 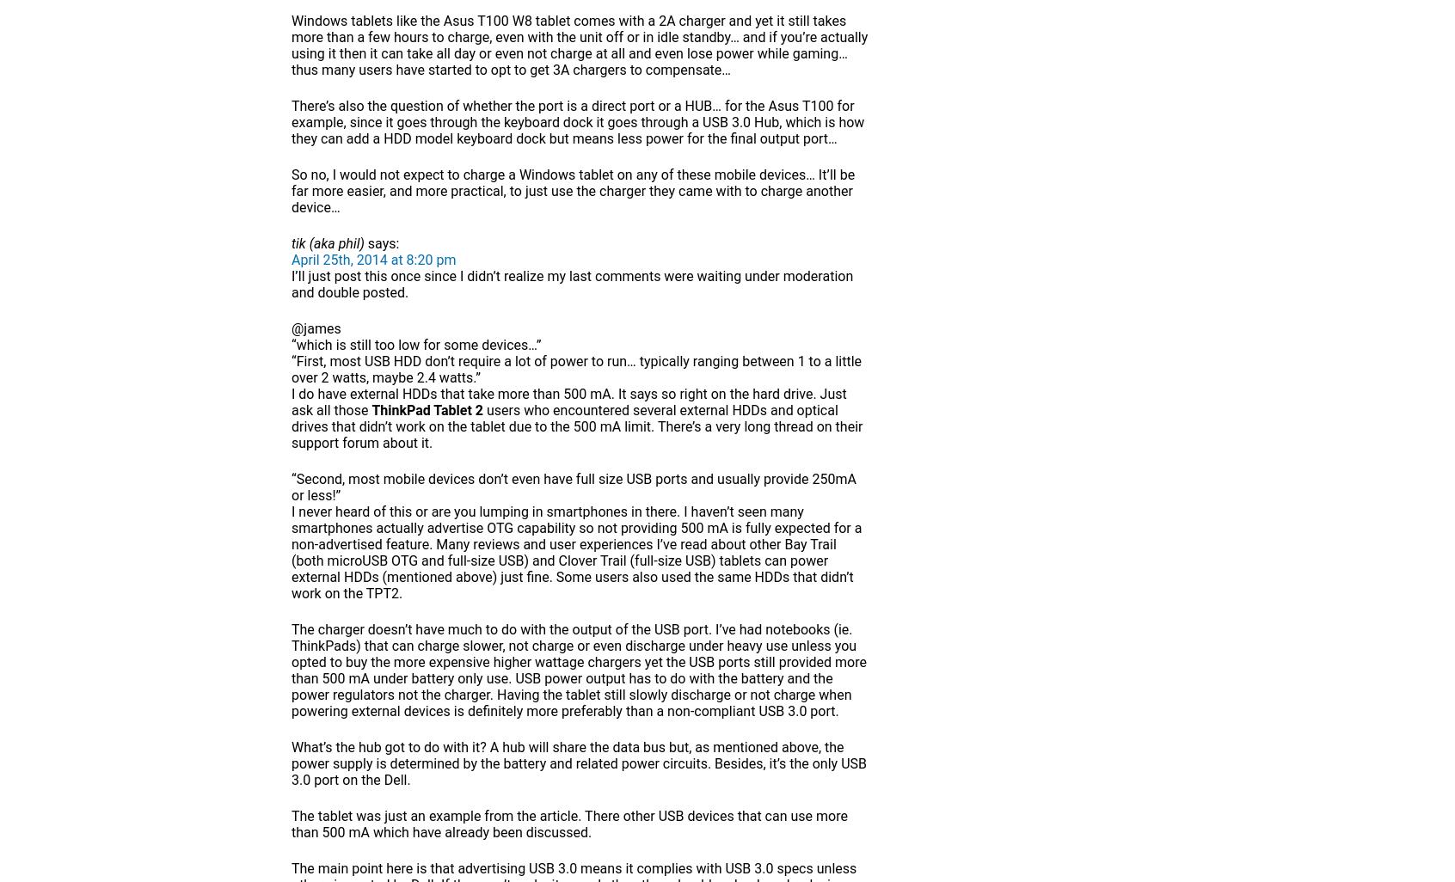 What do you see at coordinates (578, 122) in the screenshot?
I see `'There’s also the question of whether the port is a direct port or a HUB… for the Asus T100 for example, since it goes through the keyboard dock it goes through a USB 3.0 Hub, which is how they can add a HDD model keyboard dock but means less power for the final output port…'` at bounding box center [578, 122].